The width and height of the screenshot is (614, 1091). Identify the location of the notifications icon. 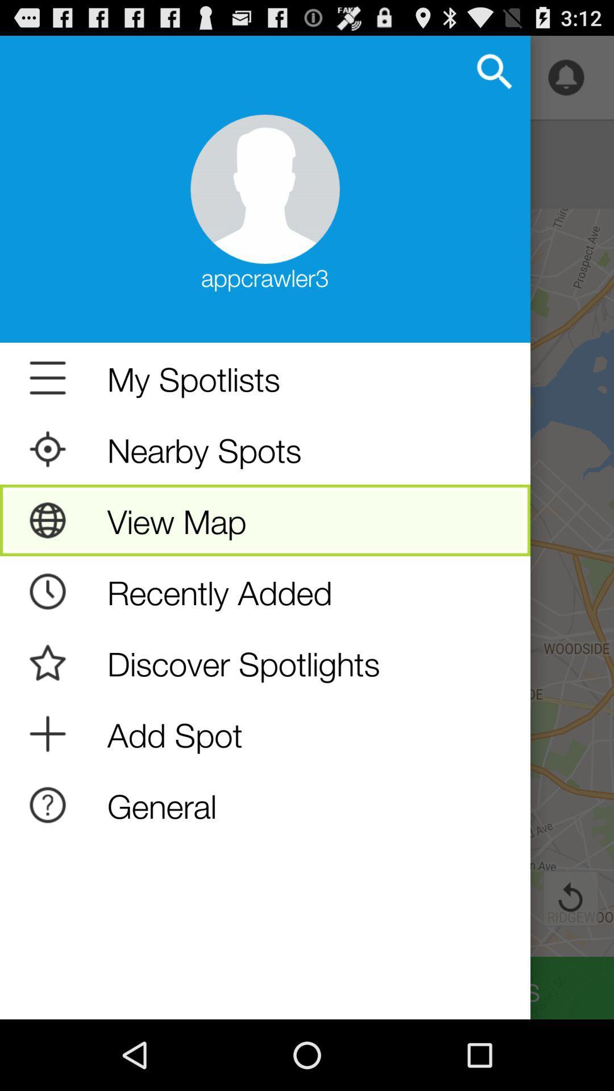
(566, 82).